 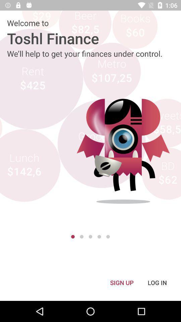 I want to click on sign up item, so click(x=121, y=282).